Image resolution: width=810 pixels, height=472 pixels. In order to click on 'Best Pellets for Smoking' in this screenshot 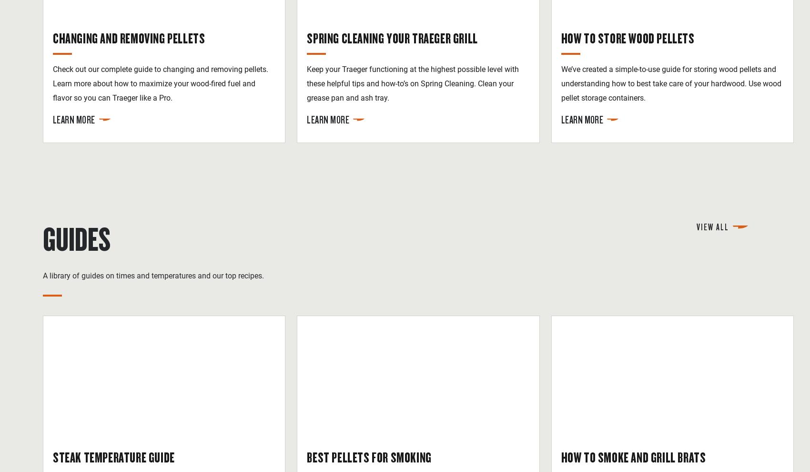, I will do `click(306, 457)`.